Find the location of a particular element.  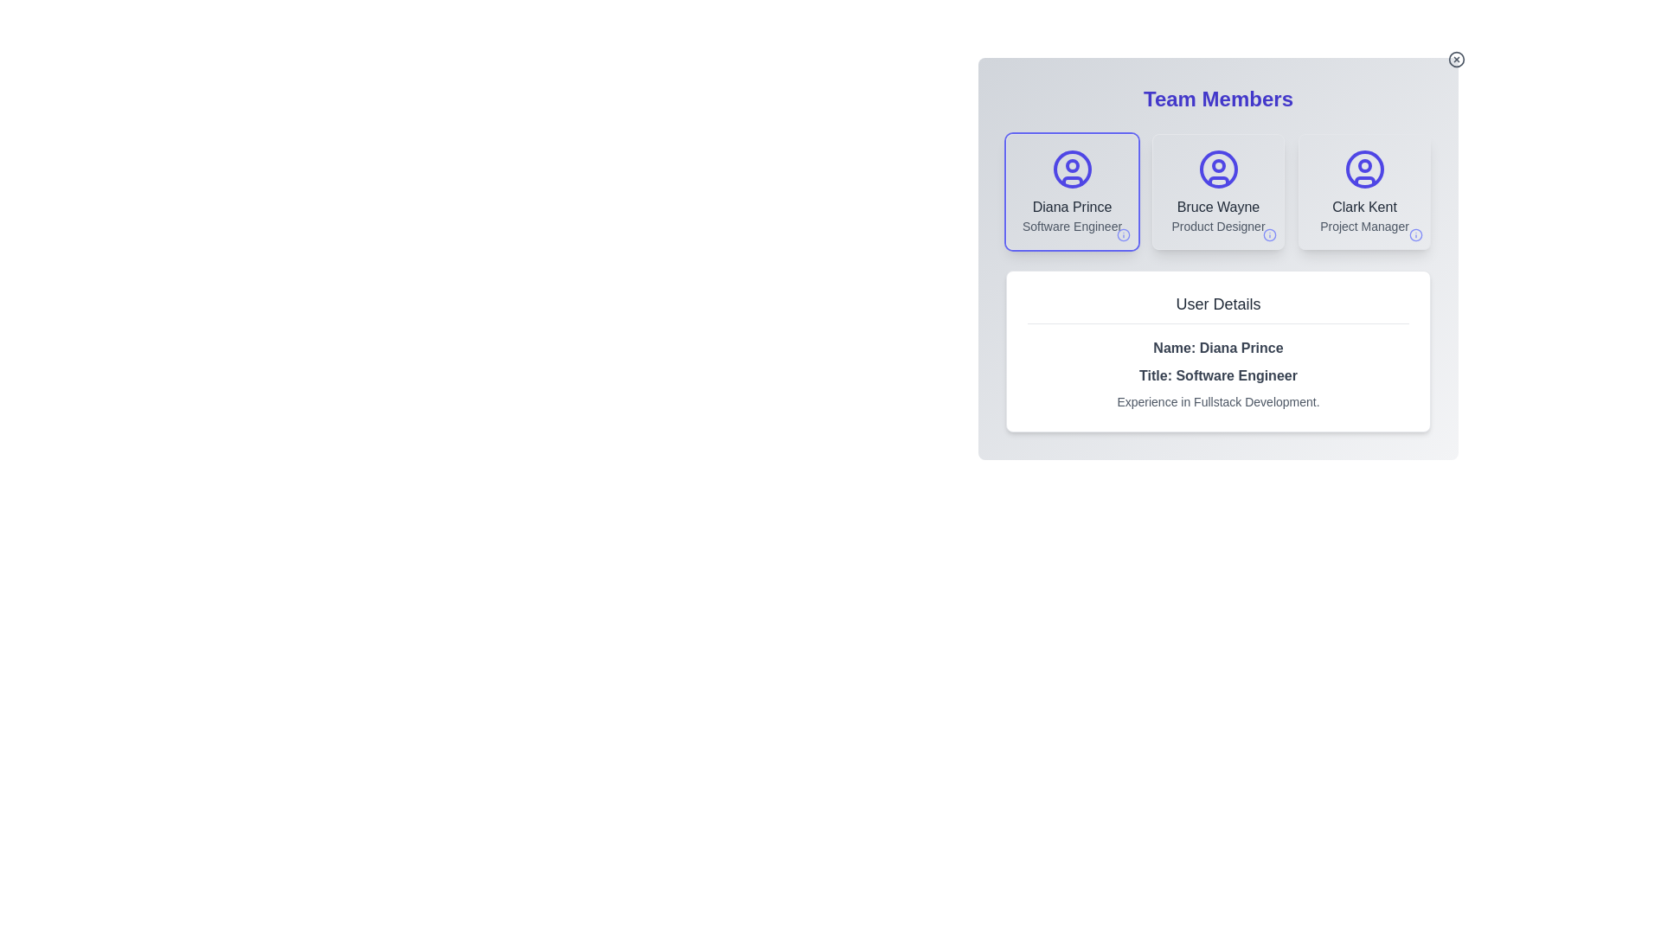

the circular user icon with a blue outline for 'Clark Kent' in the top-right section of the card layout is located at coordinates (1363, 170).